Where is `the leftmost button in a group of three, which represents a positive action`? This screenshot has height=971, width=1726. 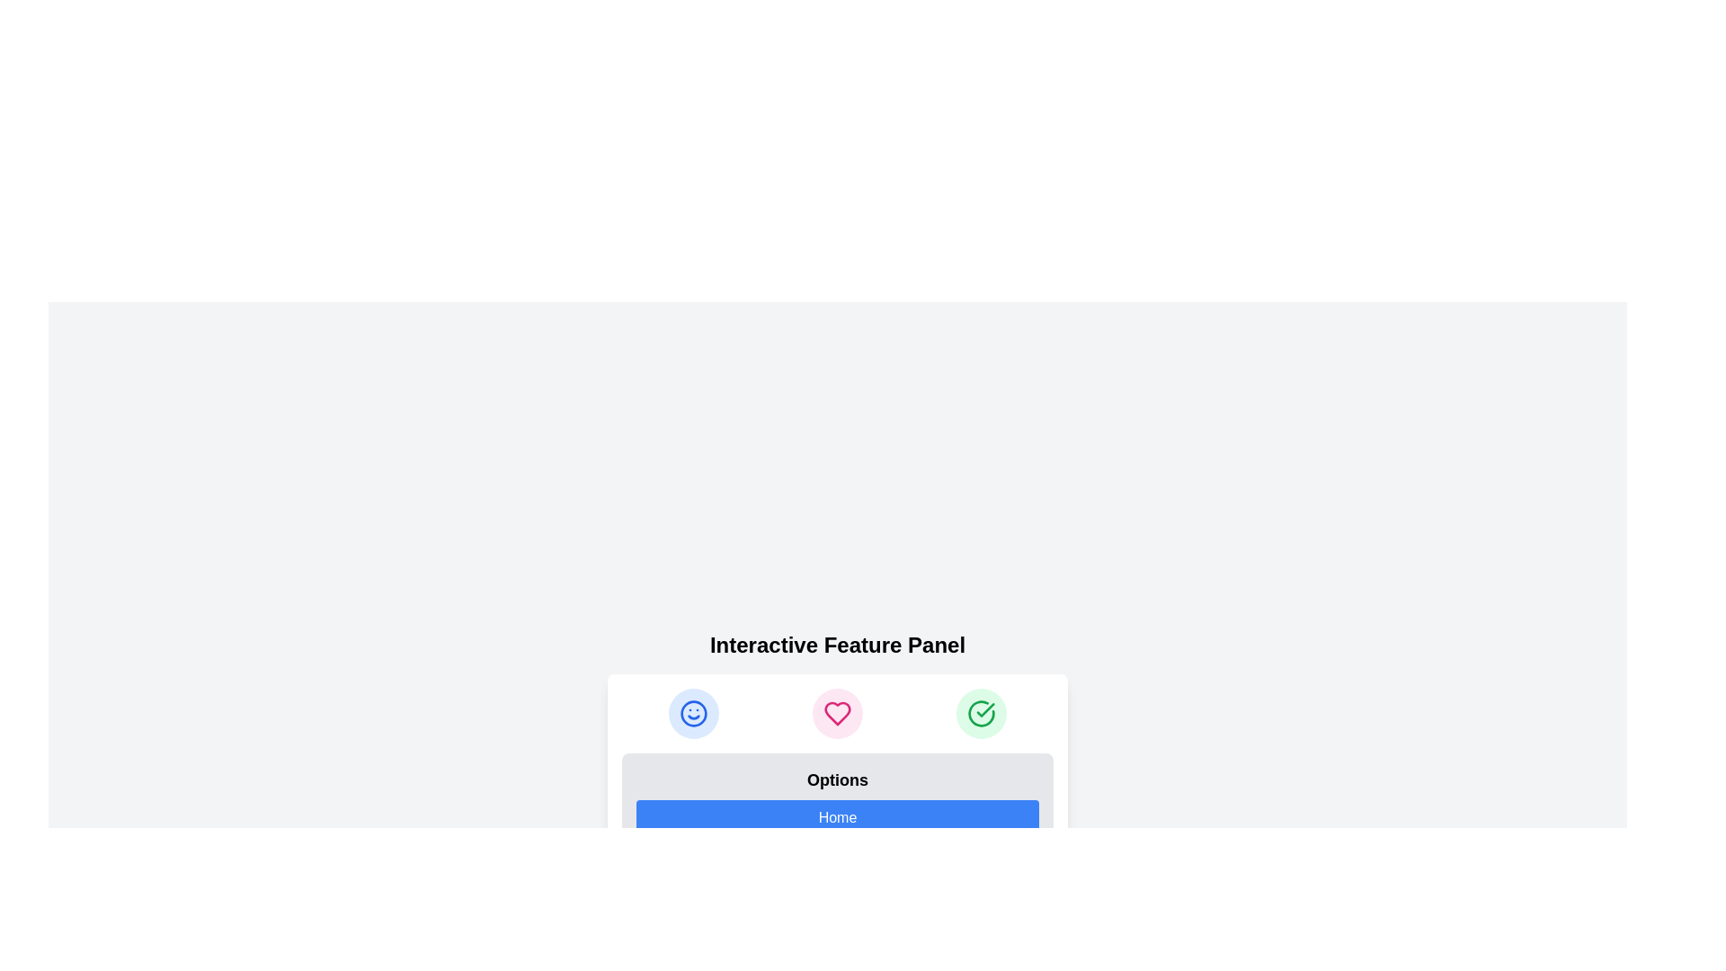
the leftmost button in a group of three, which represents a positive action is located at coordinates (693, 713).